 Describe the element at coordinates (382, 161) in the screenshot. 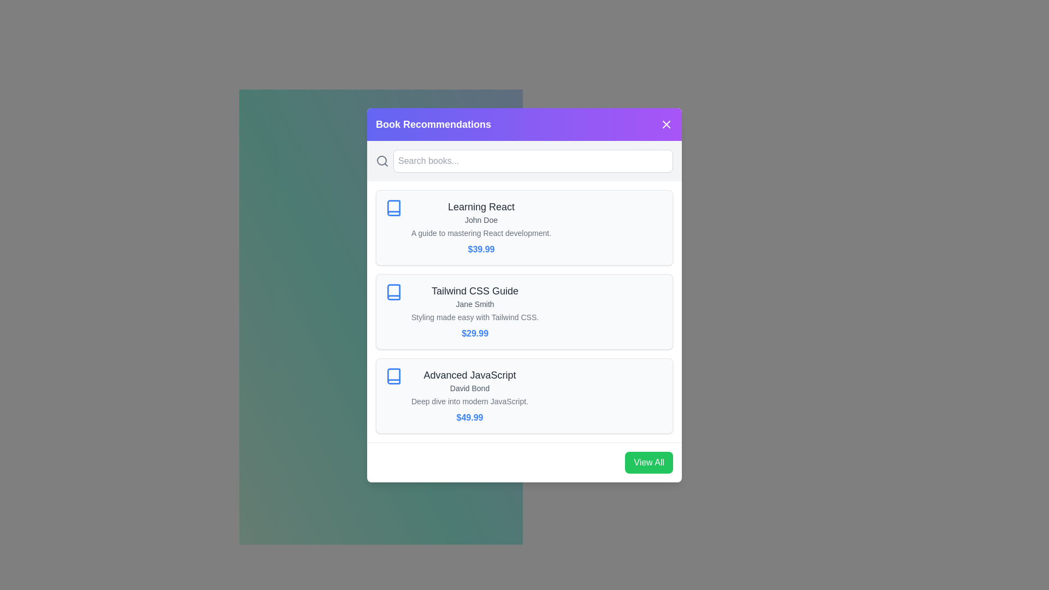

I see `the magnifying glass icon representing the search function, which is located to the left of the search input field` at that location.